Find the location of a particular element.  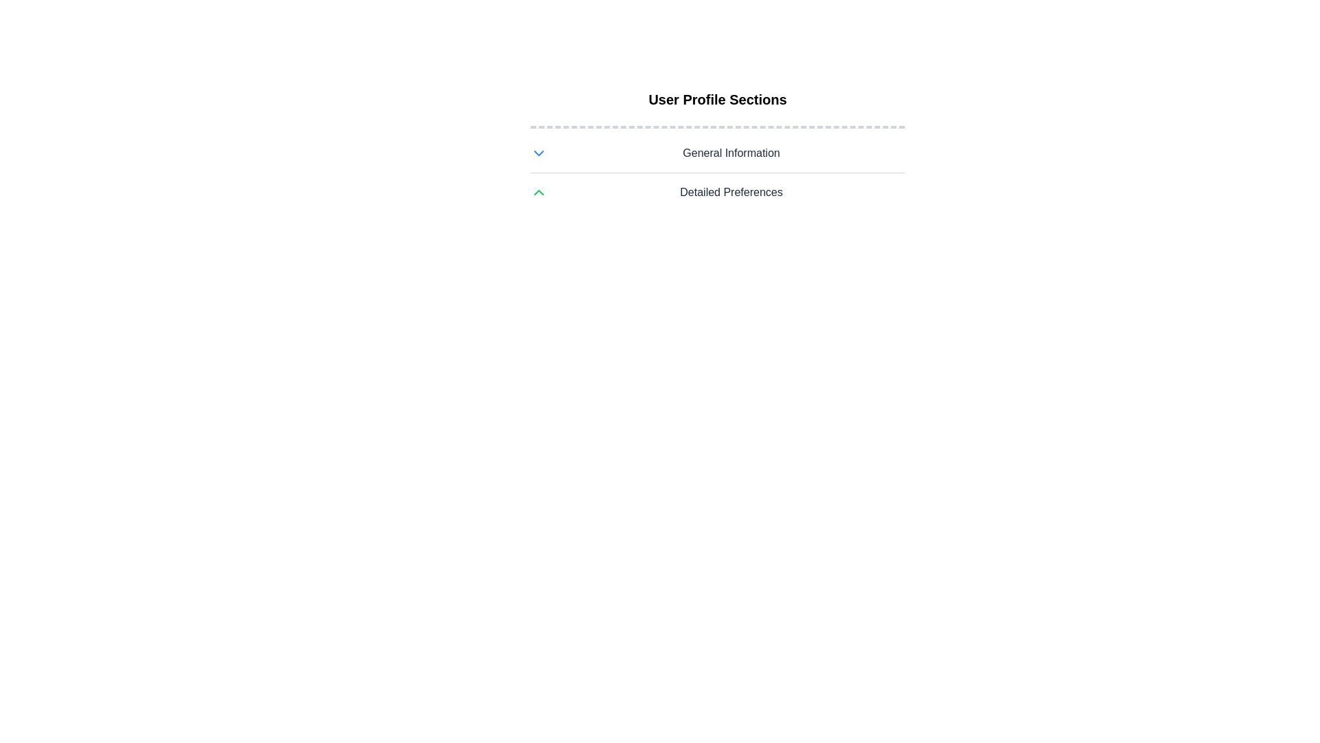

the 'Detailed Preferences' text label which is styled in gray with a bold font, located centrally below the 'General Information' label and accompanied by an upward green arrow icon to its left is located at coordinates (731, 193).